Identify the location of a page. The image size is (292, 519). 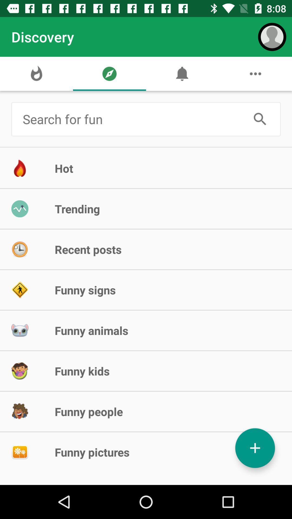
(255, 448).